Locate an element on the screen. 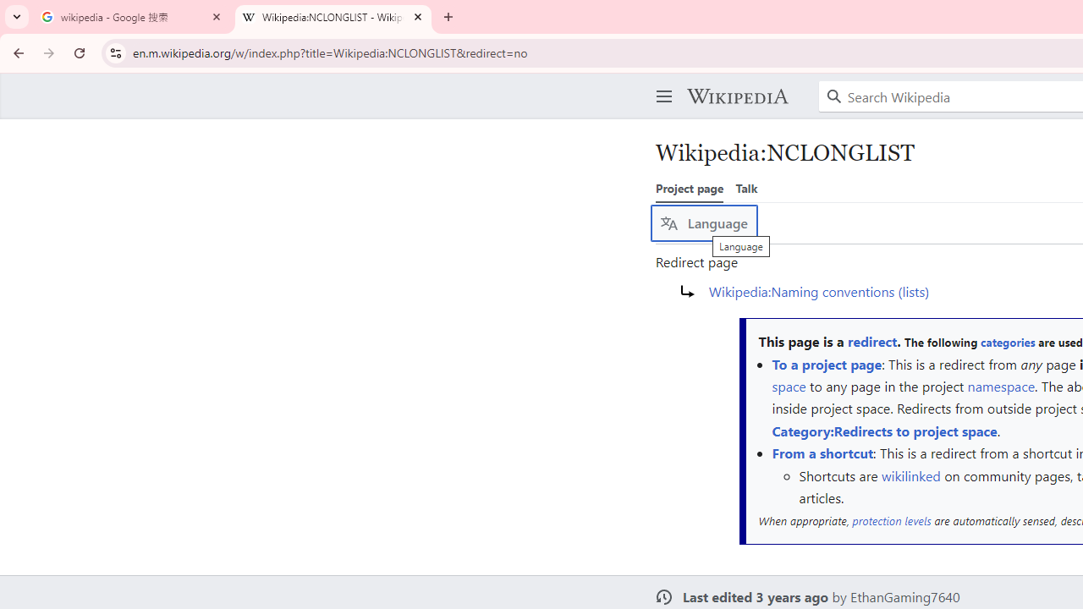 The height and width of the screenshot is (609, 1083). 'wikilinked' is located at coordinates (910, 475).